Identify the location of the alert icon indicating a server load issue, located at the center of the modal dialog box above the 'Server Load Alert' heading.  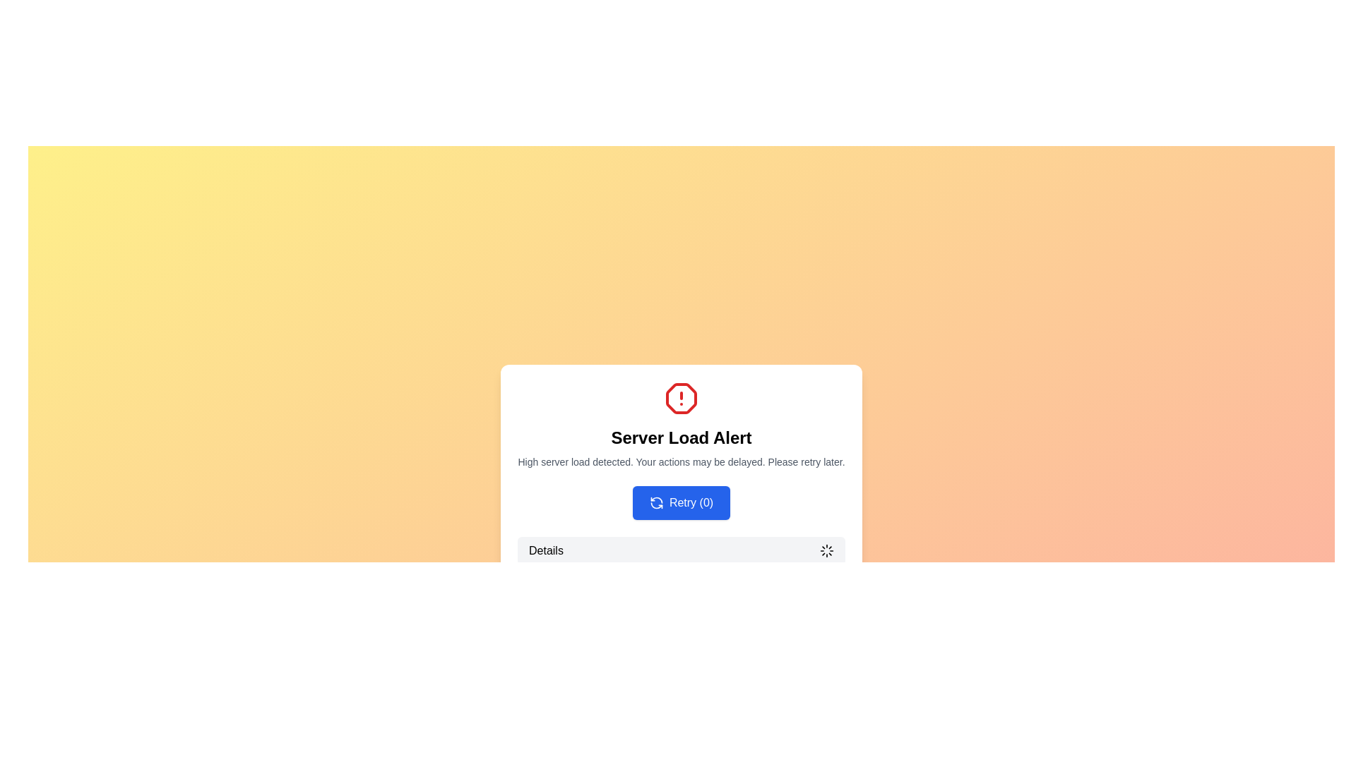
(681, 398).